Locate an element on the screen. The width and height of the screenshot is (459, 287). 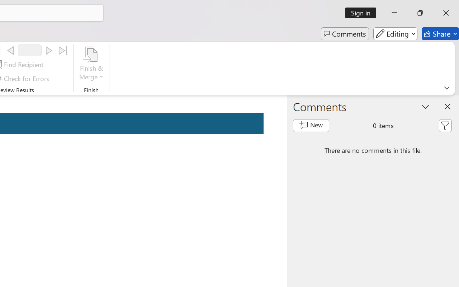
'Next' is located at coordinates (48, 51).